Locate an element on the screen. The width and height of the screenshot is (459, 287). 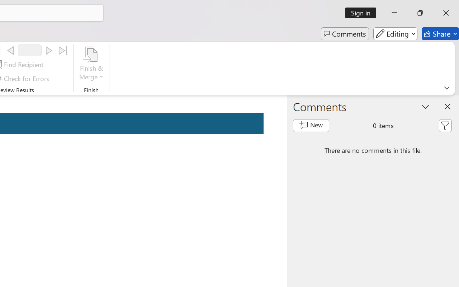
'Next' is located at coordinates (48, 51).